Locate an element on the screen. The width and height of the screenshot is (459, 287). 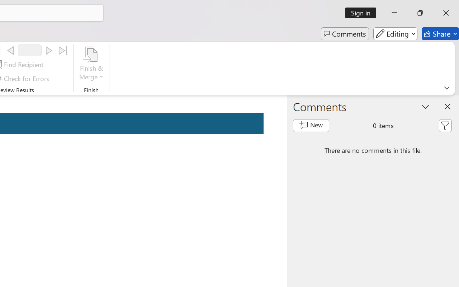
'Next' is located at coordinates (48, 51).